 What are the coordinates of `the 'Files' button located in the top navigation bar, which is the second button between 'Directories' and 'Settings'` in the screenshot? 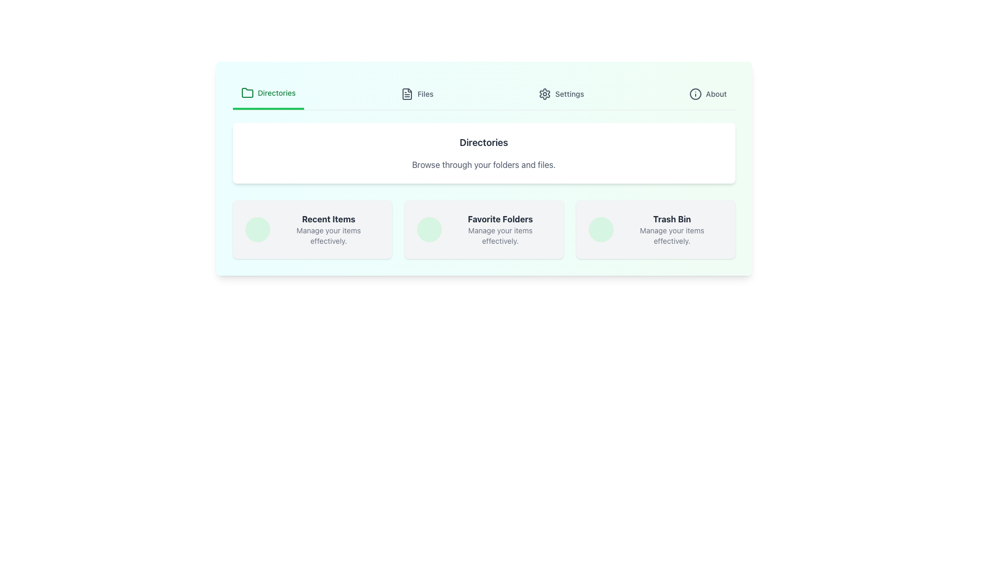 It's located at (416, 94).